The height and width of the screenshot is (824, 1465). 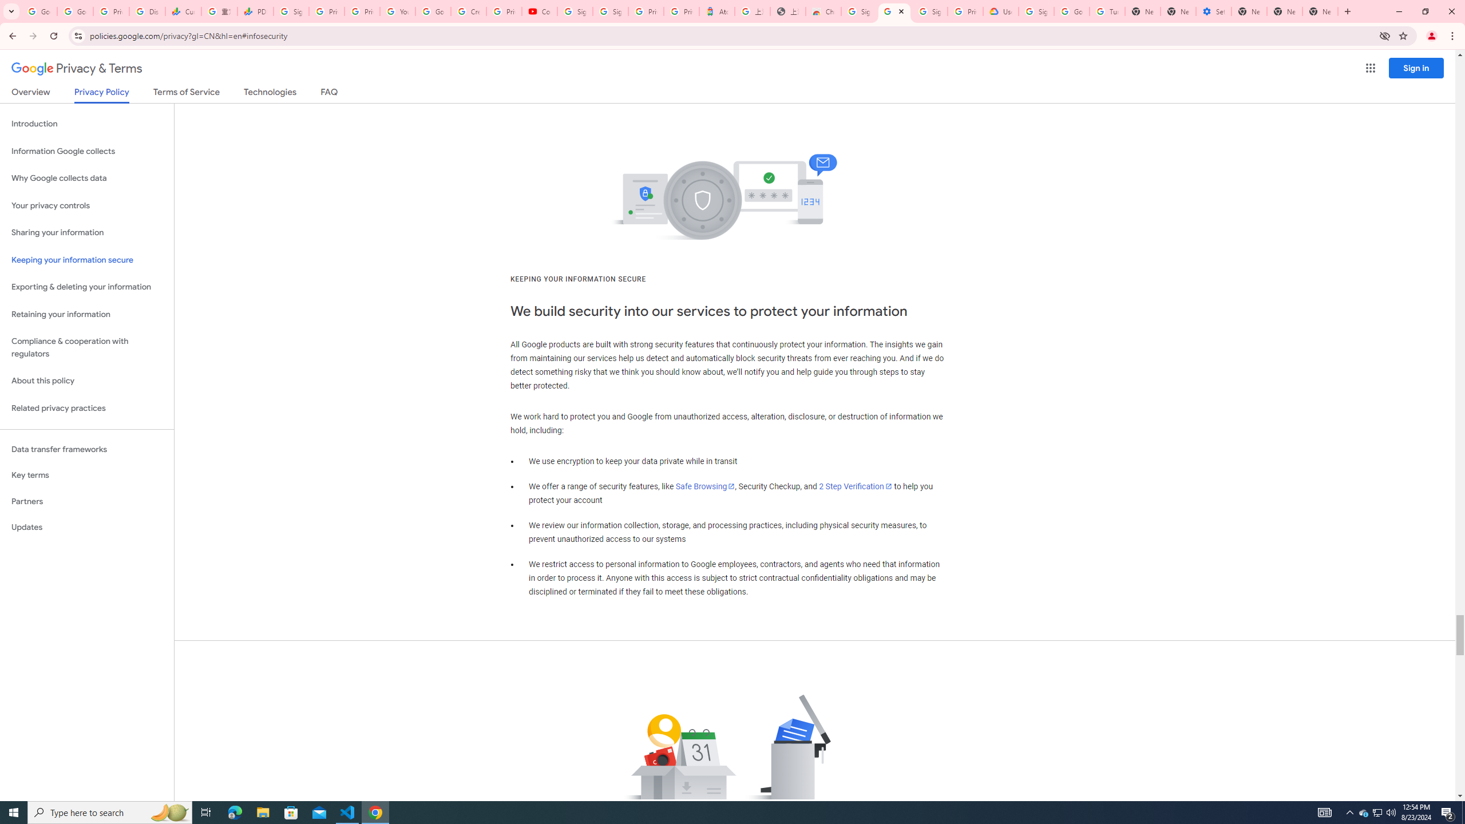 What do you see at coordinates (86, 407) in the screenshot?
I see `'Related privacy practices'` at bounding box center [86, 407].